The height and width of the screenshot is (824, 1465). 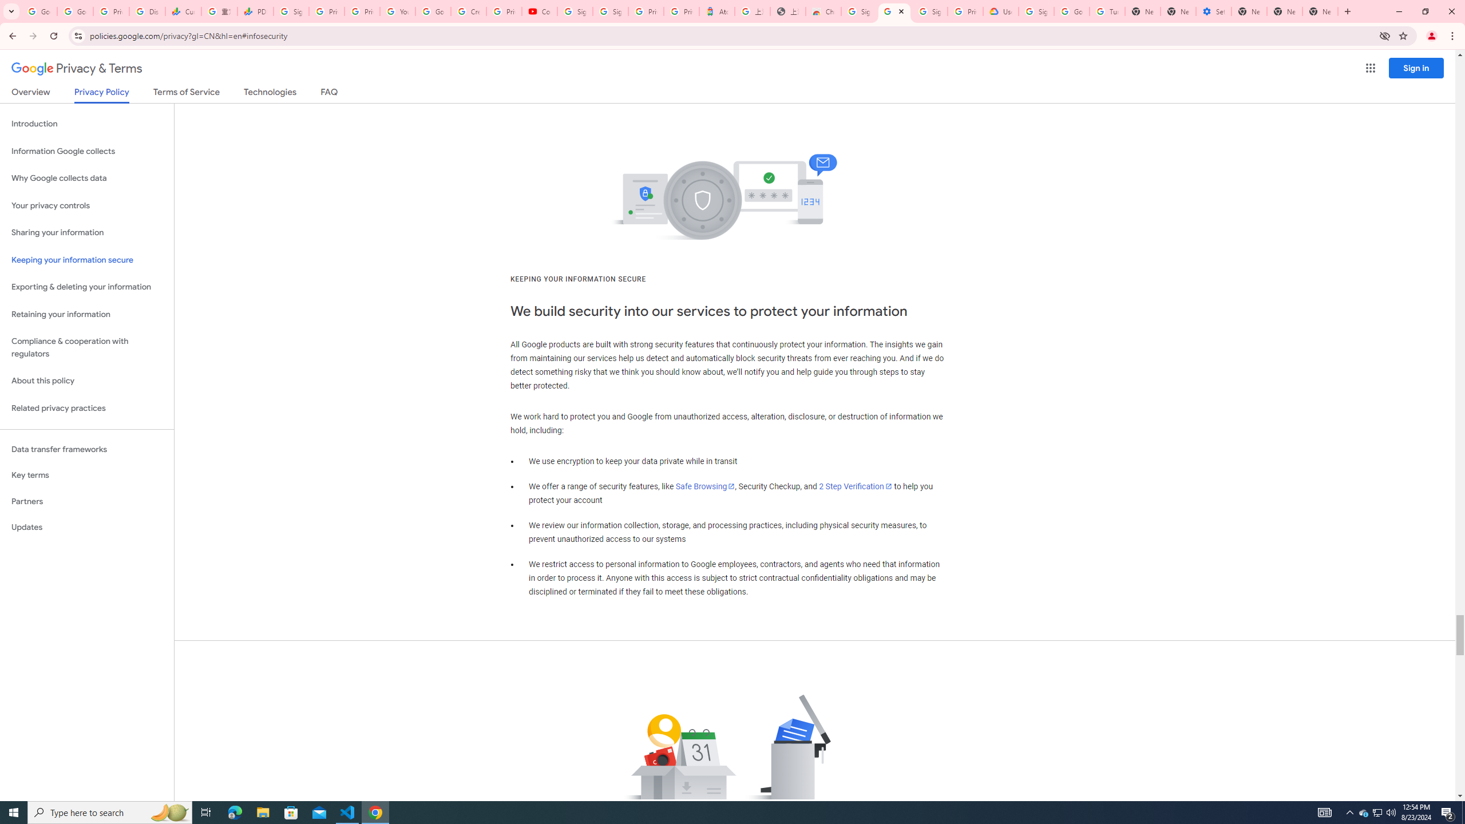 What do you see at coordinates (86, 407) in the screenshot?
I see `'Related privacy practices'` at bounding box center [86, 407].